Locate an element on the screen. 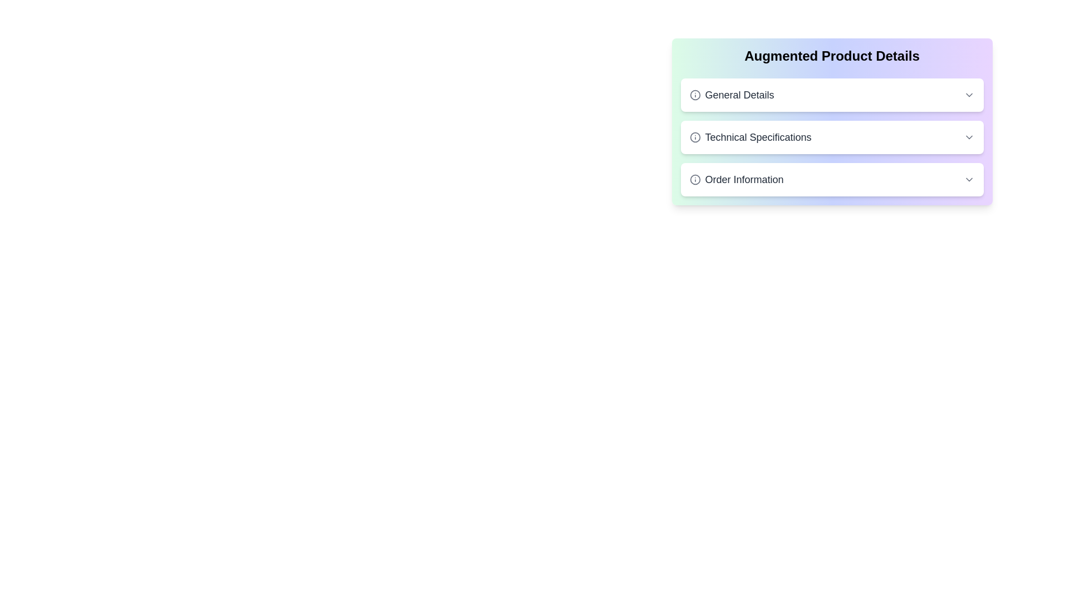 This screenshot has height=601, width=1069. the circular gray icon with an outlined border located to the left of the 'Order Information' text label is located at coordinates (694, 179).